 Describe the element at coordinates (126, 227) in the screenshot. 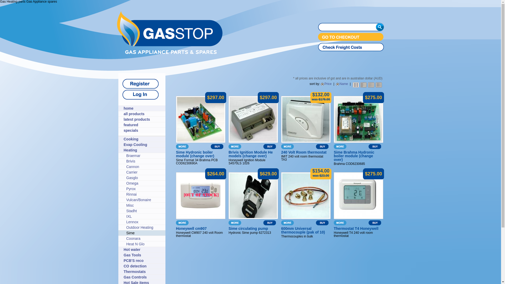

I see `'Outdoor Heating'` at that location.